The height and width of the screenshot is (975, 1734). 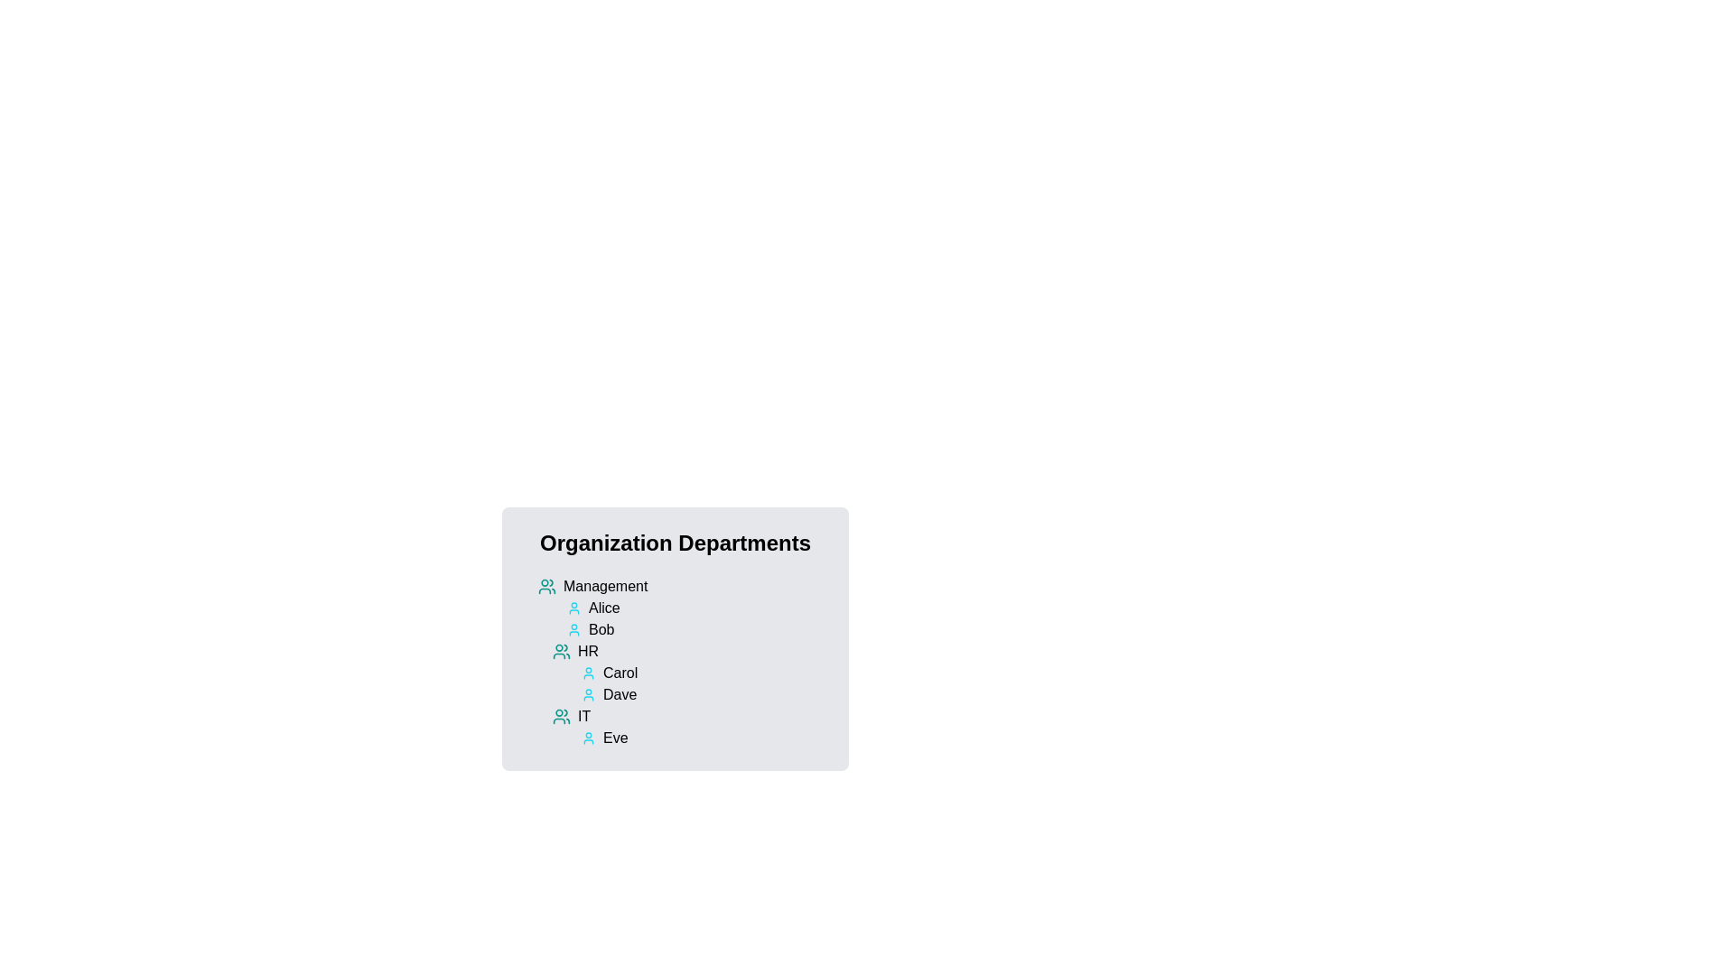 What do you see at coordinates (589, 673) in the screenshot?
I see `the user silhouette icon styled in cyan, located to the left of the text 'Carol'` at bounding box center [589, 673].